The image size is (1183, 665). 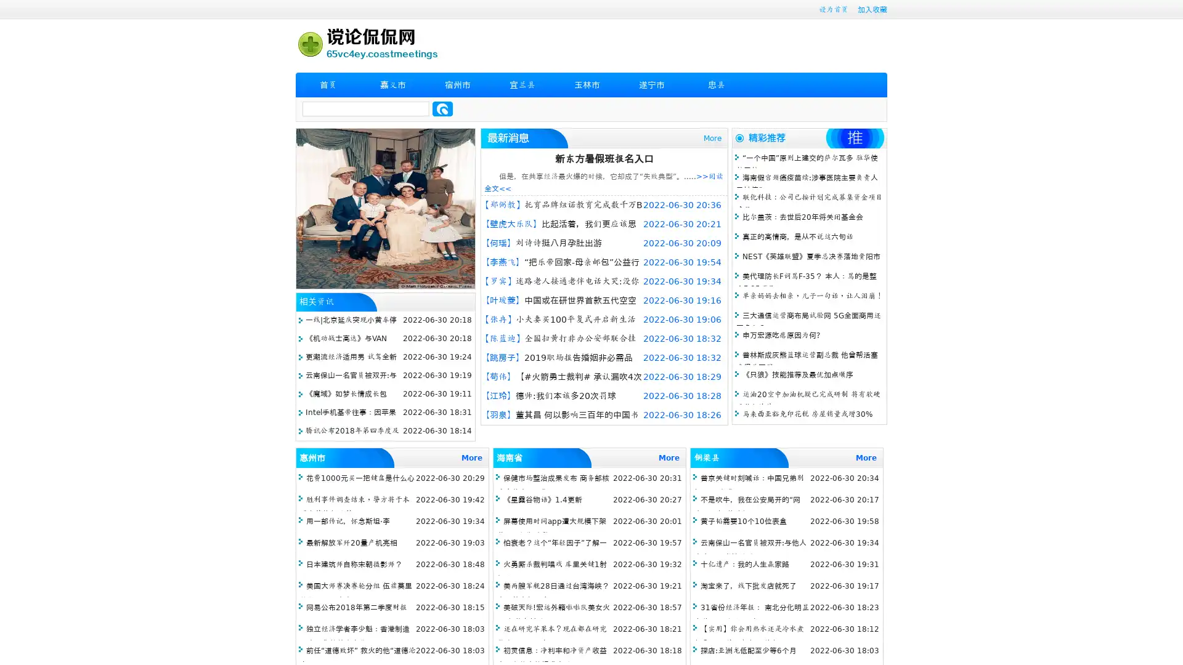 What do you see at coordinates (442, 108) in the screenshot?
I see `Search` at bounding box center [442, 108].